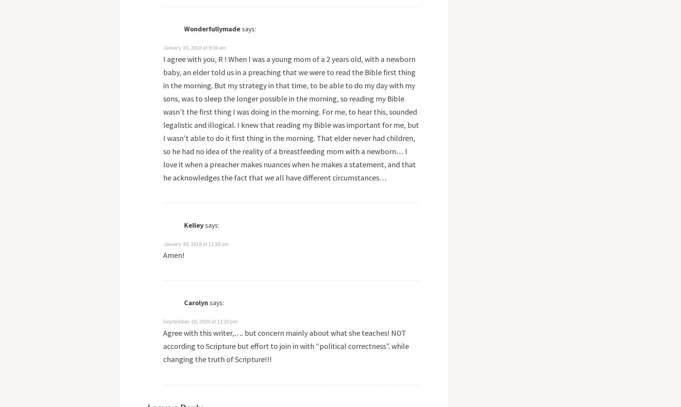 The width and height of the screenshot is (681, 407). I want to click on 'I agree with you, R ! When I was a young mom of a 2 years old, with a newborn baby, an elder told us in a preaching that we were to read the Bible first thing in the morning. But my strategy in that time, to be able to do my day with my sons, was to sleep the longer possible in the morning, so reading my Bible wasn’t the first thing I was doing in the morning. For me, to hear this, sounded legalistic and illogical. I knew that reading my Bible was important for me, but I wasn’t able to do it first thing in the morning. That elder never had children, so he had no idea of the reality of a breastfeeding mom with a newborn… I love it when a preacher makes nuances when he makes a statement, and that he acknowledges the fact that we all have different circumstances…', so click(290, 117).